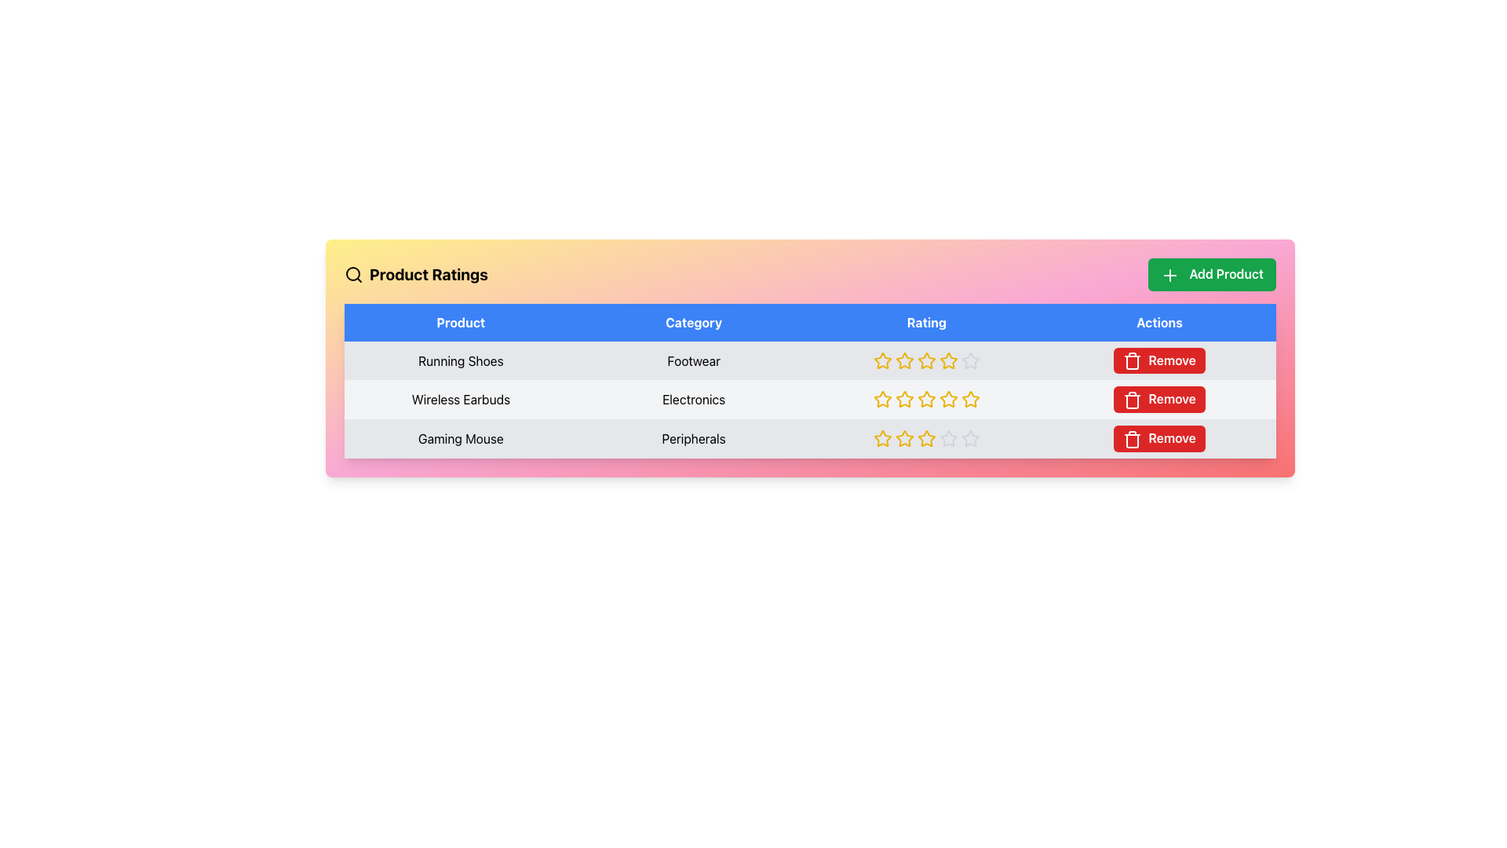 The image size is (1507, 848). Describe the element at coordinates (810, 360) in the screenshot. I see `the stars in the first row of the product rating table to change the rating for 'Running Shoes'` at that location.